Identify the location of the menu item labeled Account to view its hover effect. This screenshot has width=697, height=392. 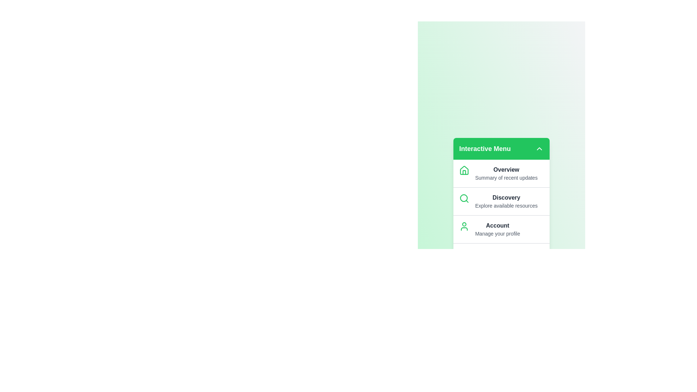
(501, 229).